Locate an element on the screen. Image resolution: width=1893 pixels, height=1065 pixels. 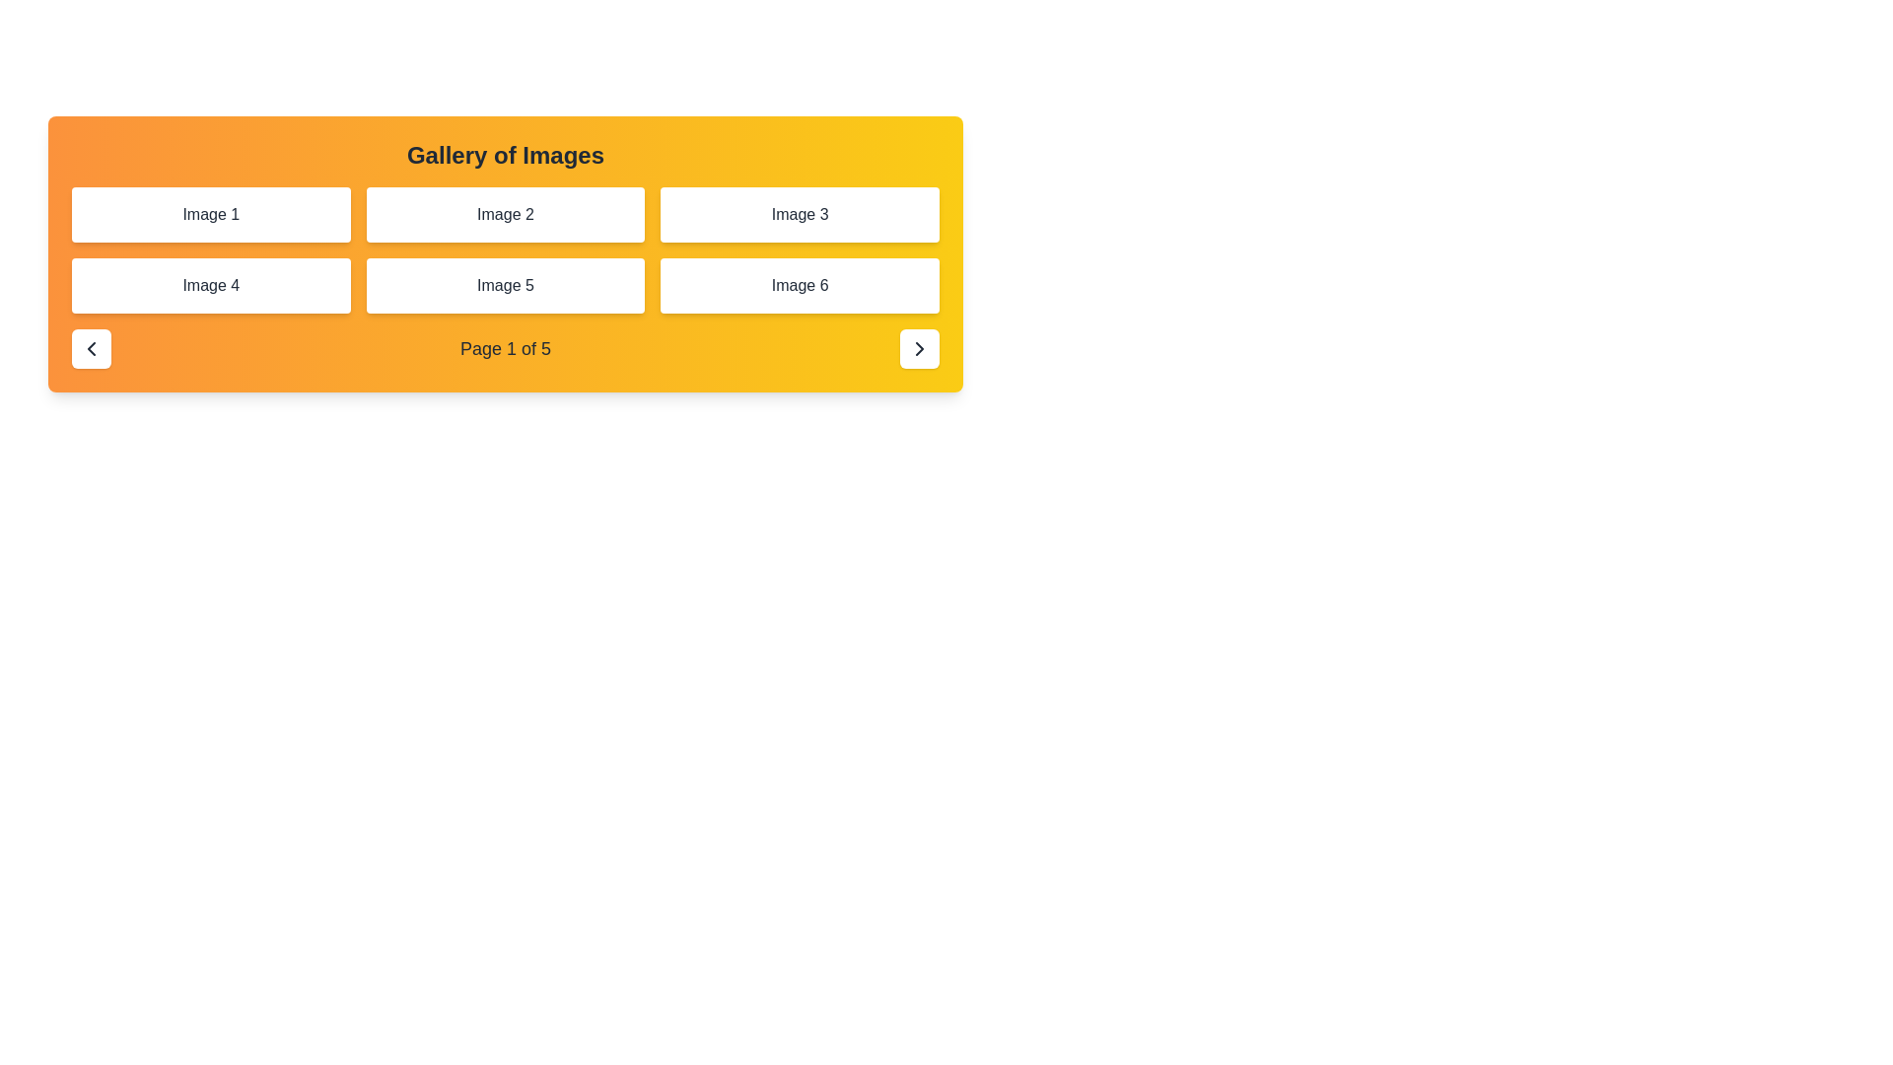
the text label 'Image 4', which is located in the second row, first column of the grid layout, serving as a placeholder for an image is located at coordinates (211, 285).